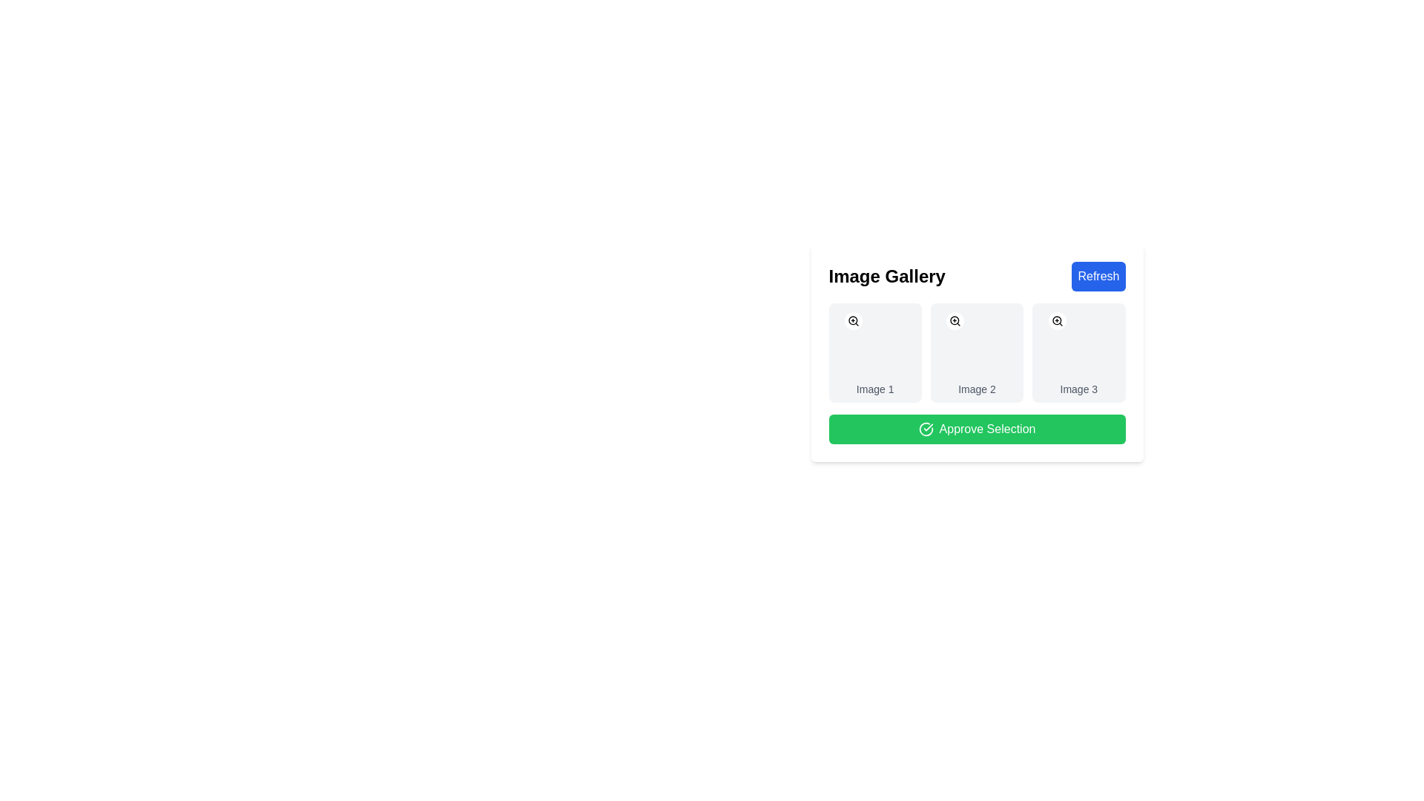 This screenshot has width=1424, height=801. Describe the element at coordinates (1056, 320) in the screenshot. I see `the zoom-in button located at the top-left corner of the third image thumbnail in the image gallery` at that location.